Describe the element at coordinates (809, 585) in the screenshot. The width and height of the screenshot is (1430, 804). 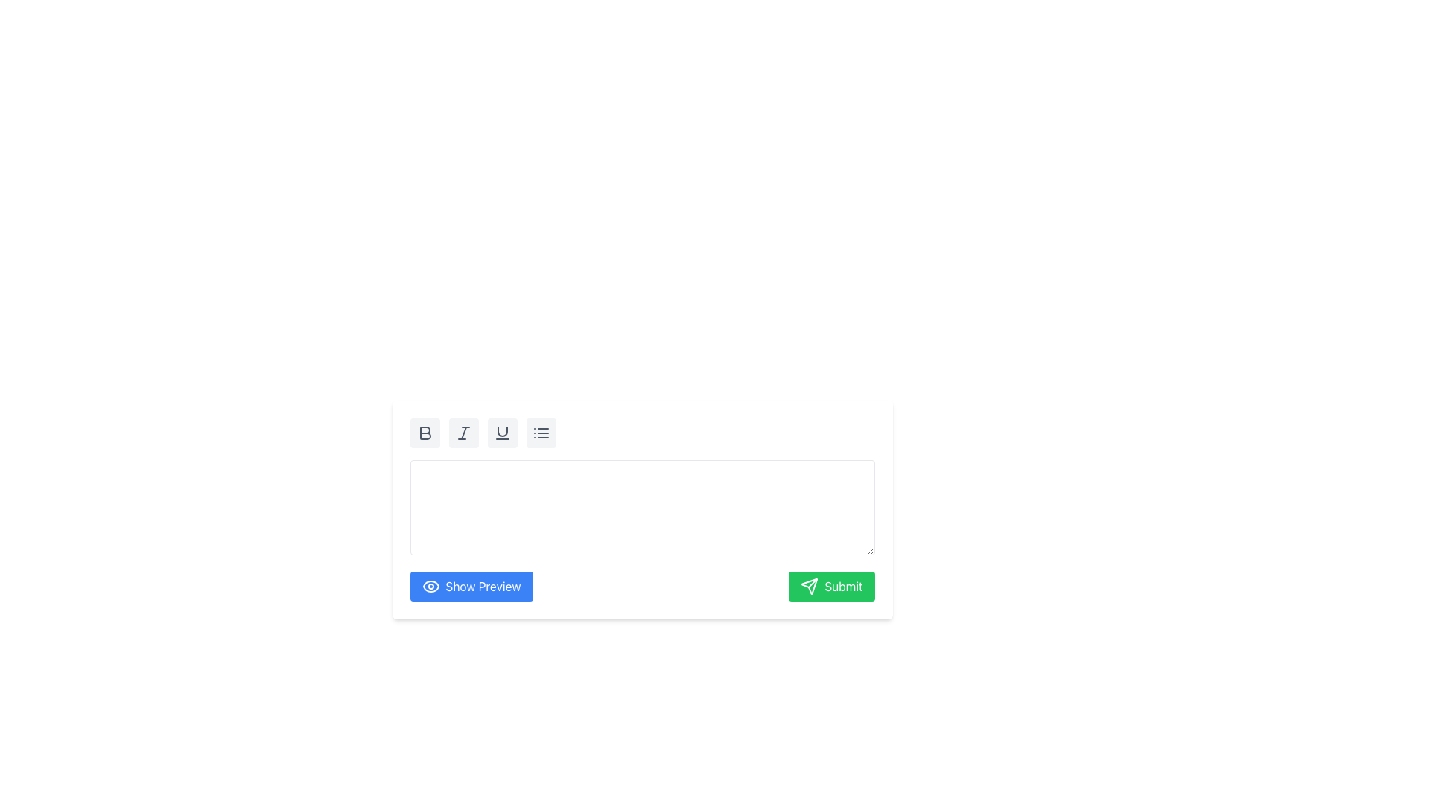
I see `the decorative icon on the left side of the 'Submit' button located at the bottom-right of the form` at that location.